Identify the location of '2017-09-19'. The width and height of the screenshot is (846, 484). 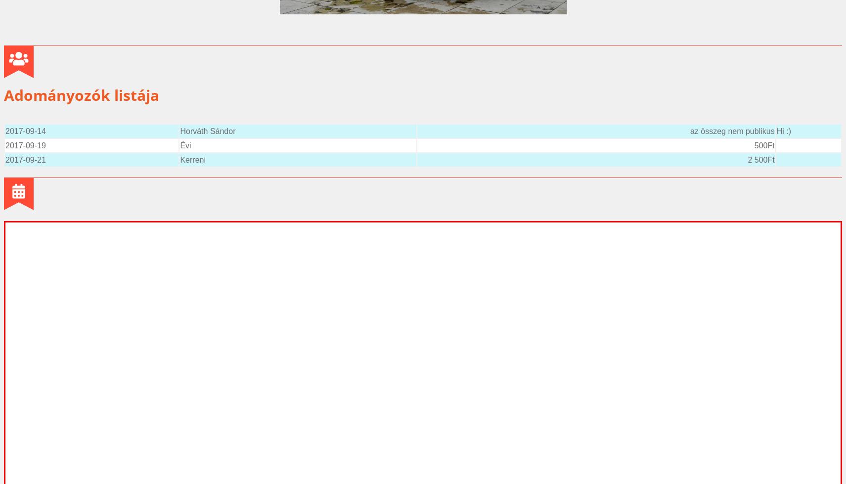
(25, 145).